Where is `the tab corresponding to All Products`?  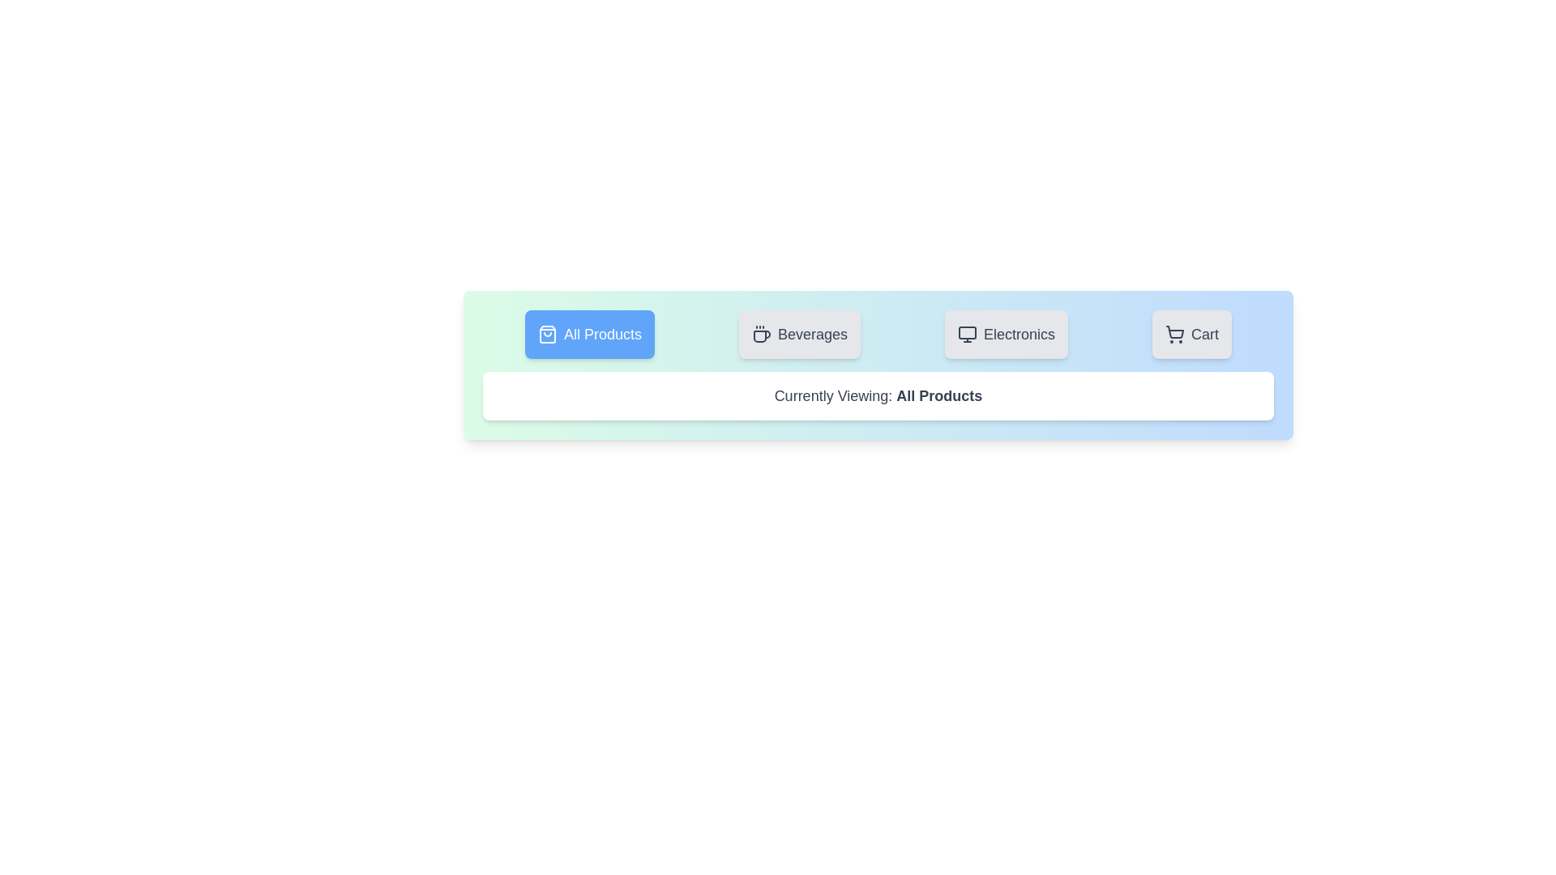
the tab corresponding to All Products is located at coordinates (589, 333).